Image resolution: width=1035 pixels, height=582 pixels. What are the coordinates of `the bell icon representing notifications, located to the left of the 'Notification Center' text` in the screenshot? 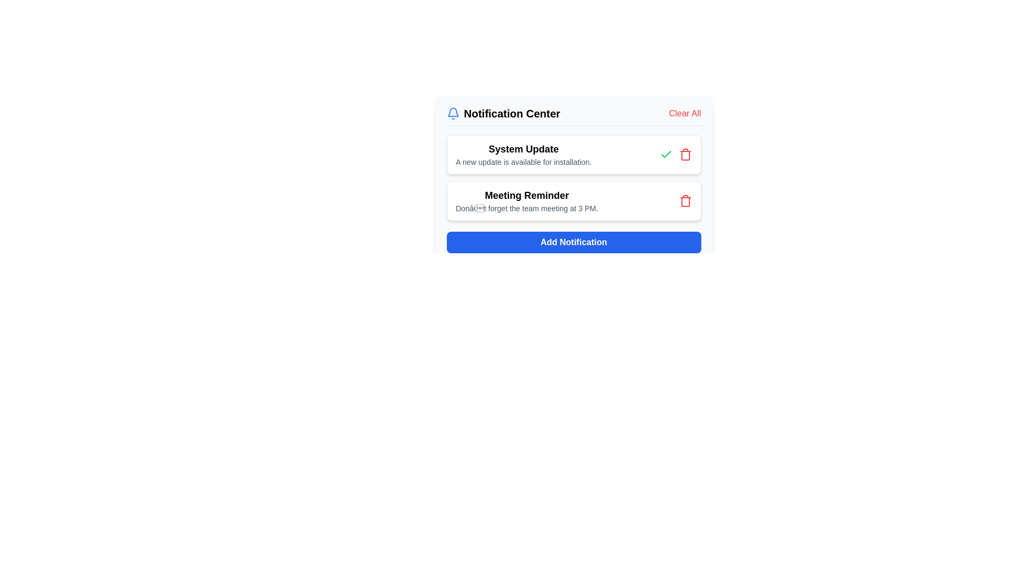 It's located at (453, 112).